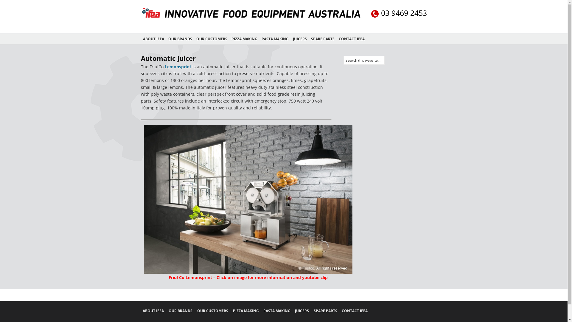  What do you see at coordinates (251, 18) in the screenshot?
I see `'Innovative Food Equipment Australia'` at bounding box center [251, 18].